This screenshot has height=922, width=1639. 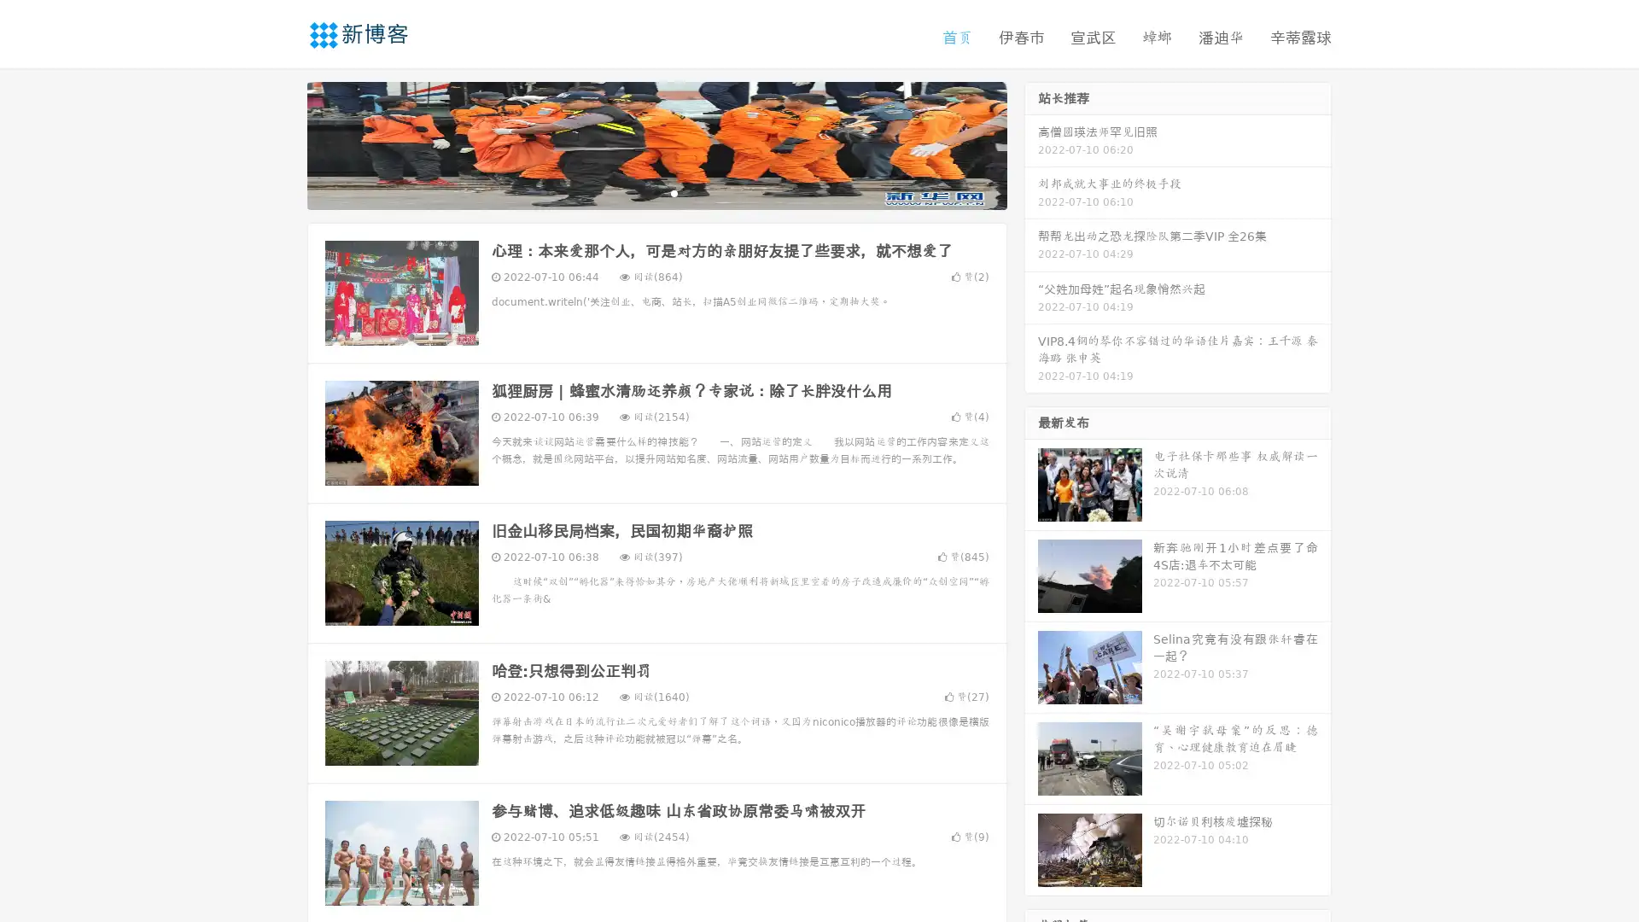 What do you see at coordinates (1031, 143) in the screenshot?
I see `Next slide` at bounding box center [1031, 143].